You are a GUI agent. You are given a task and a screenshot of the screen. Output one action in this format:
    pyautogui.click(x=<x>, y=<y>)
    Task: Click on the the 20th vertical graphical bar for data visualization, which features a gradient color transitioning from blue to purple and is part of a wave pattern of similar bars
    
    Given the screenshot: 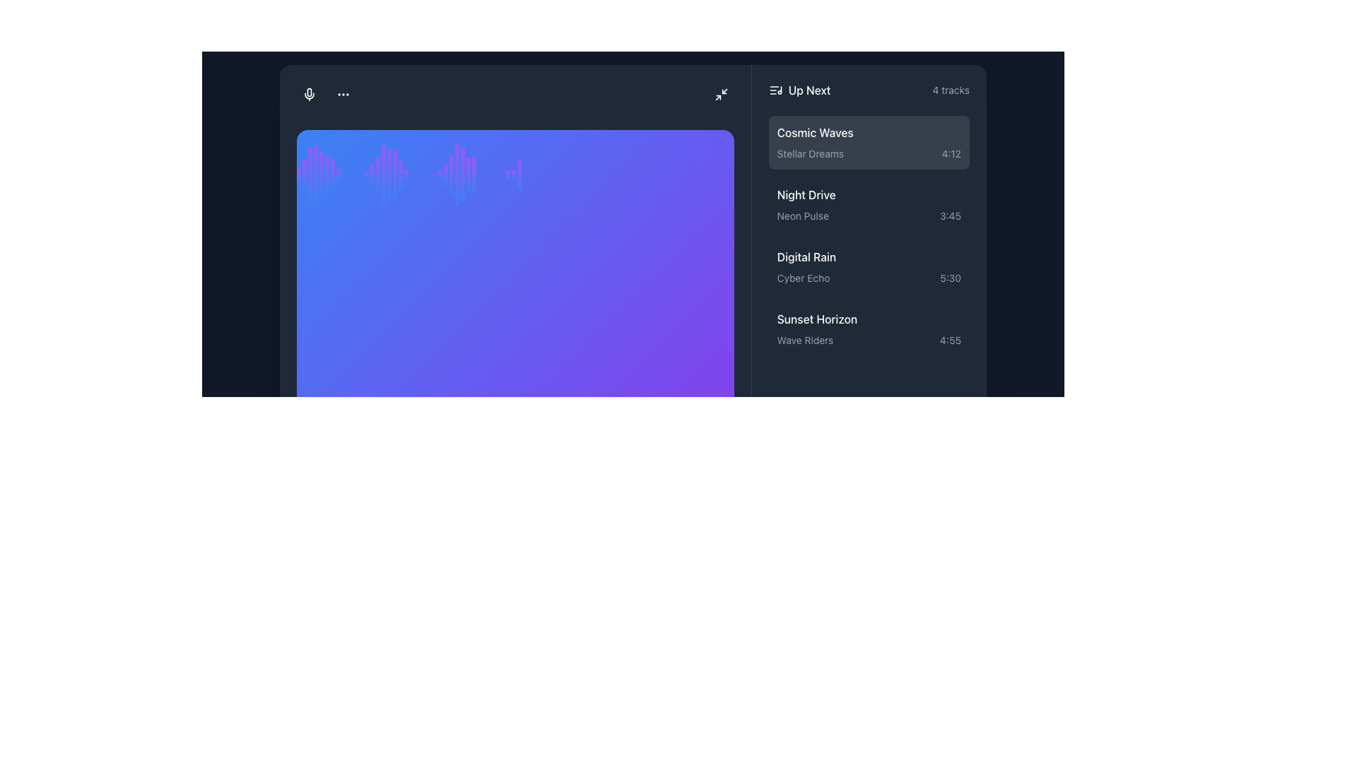 What is the action you would take?
    pyautogui.click(x=406, y=173)
    